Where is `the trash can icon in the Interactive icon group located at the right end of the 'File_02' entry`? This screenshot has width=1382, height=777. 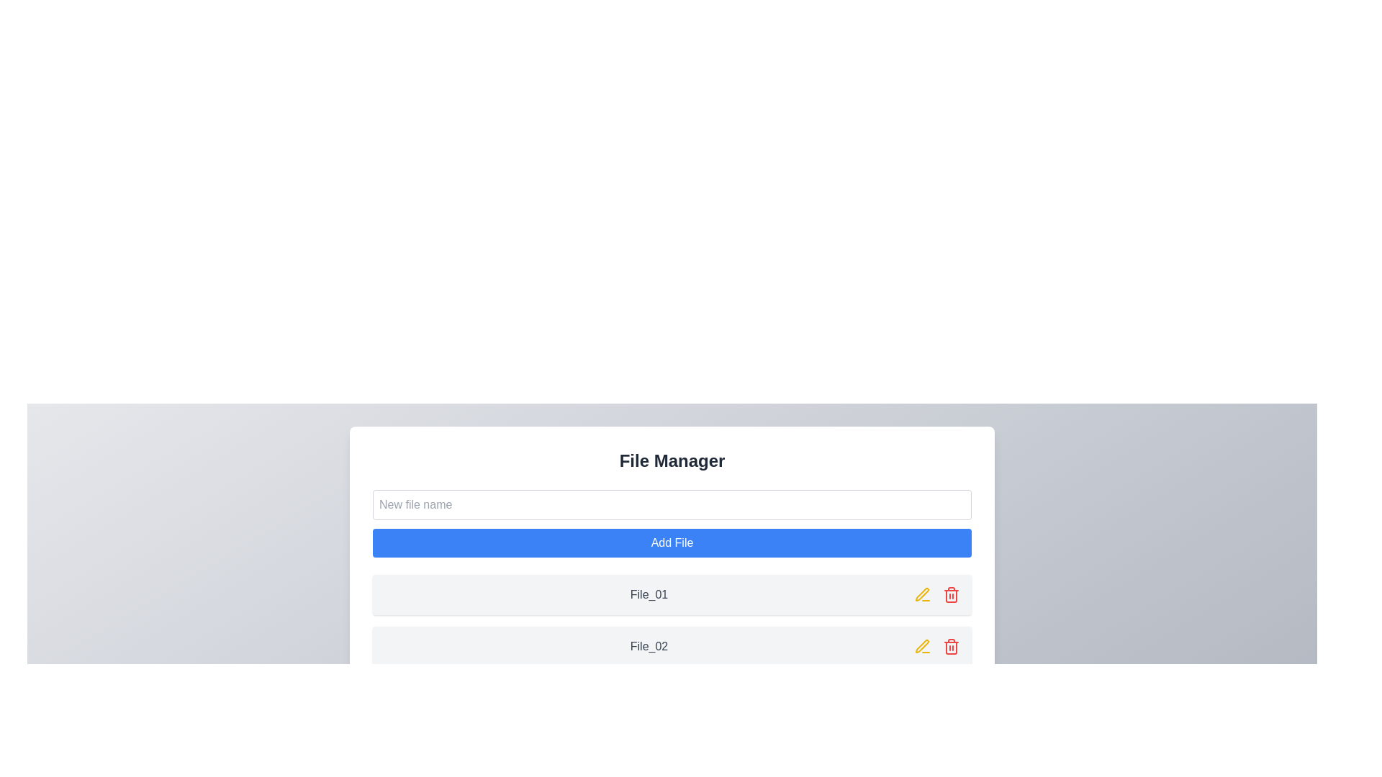 the trash can icon in the Interactive icon group located at the right end of the 'File_02' entry is located at coordinates (936, 645).